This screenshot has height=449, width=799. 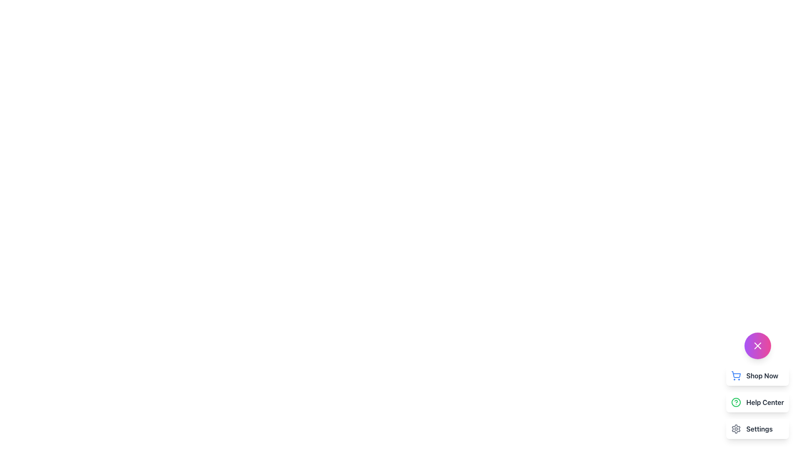 I want to click on the Settings gear icon, which is a gear-shaped icon located at the bottom-right corner panel, below the Help Center option, so click(x=736, y=429).